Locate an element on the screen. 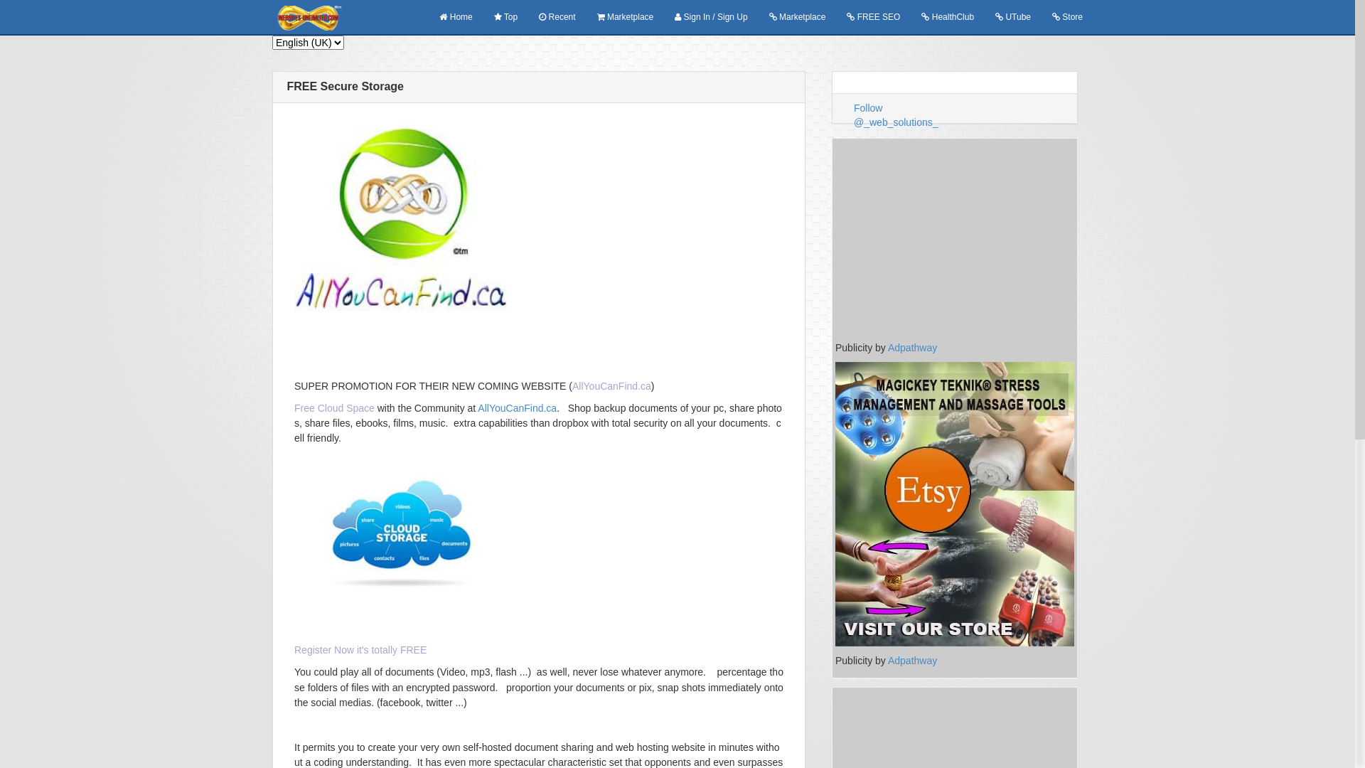 The width and height of the screenshot is (1365, 768). 'Home' is located at coordinates (456, 16).